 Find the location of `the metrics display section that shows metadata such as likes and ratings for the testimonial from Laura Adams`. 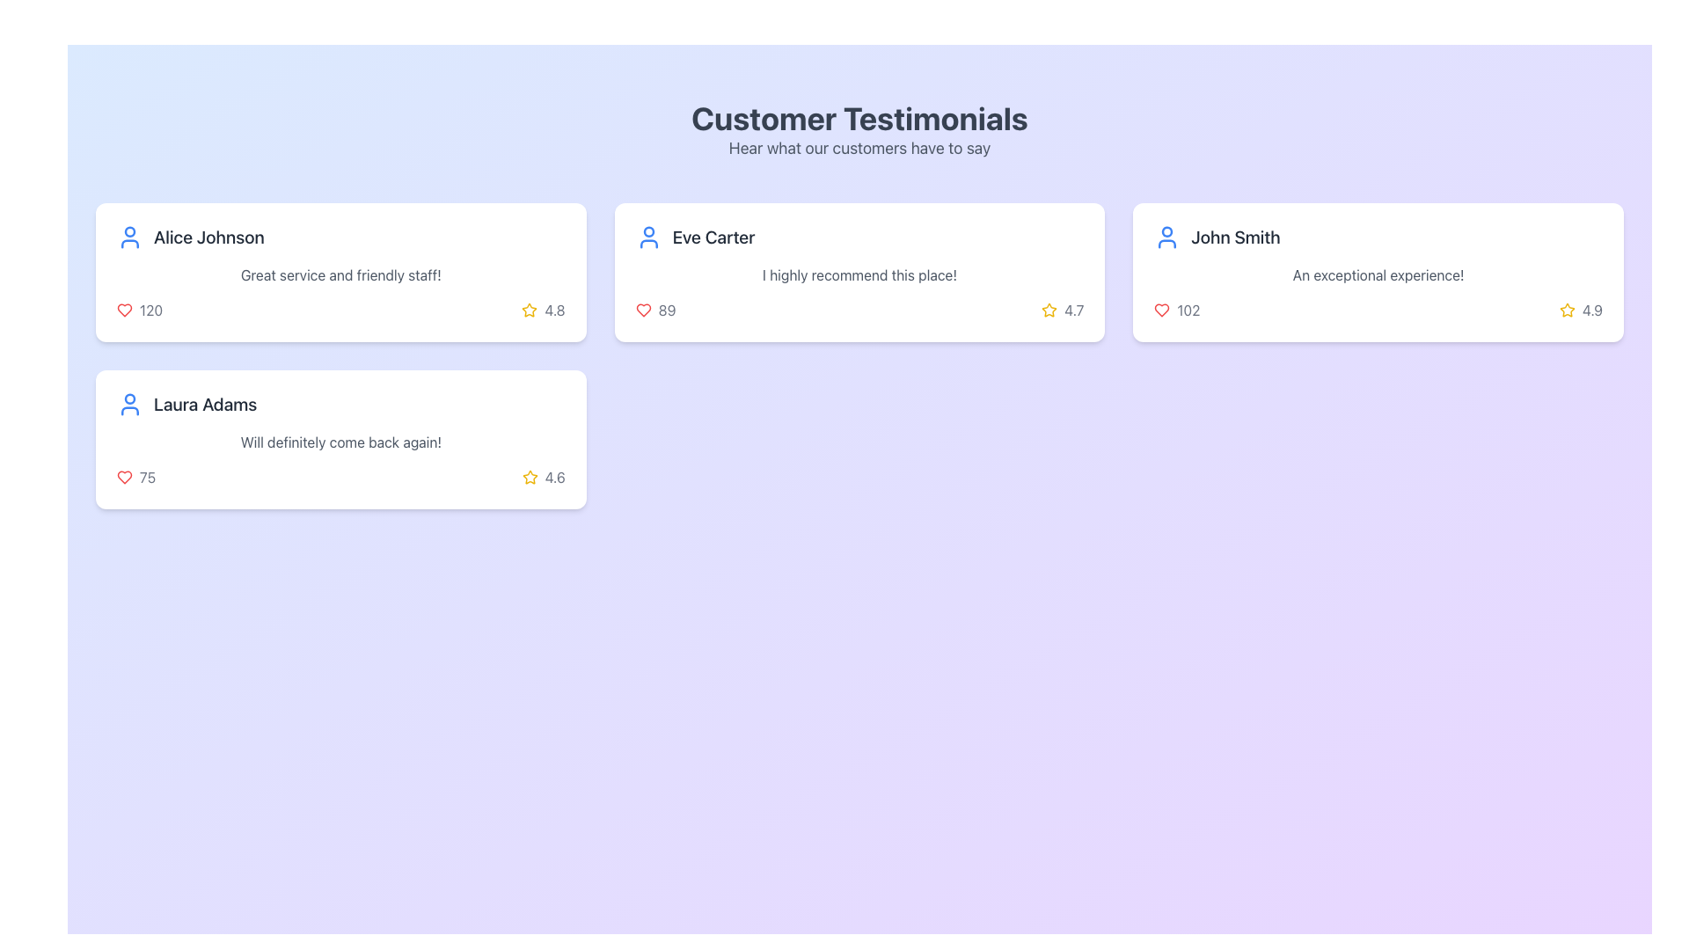

the metrics display section that shows metadata such as likes and ratings for the testimonial from Laura Adams is located at coordinates (340, 478).